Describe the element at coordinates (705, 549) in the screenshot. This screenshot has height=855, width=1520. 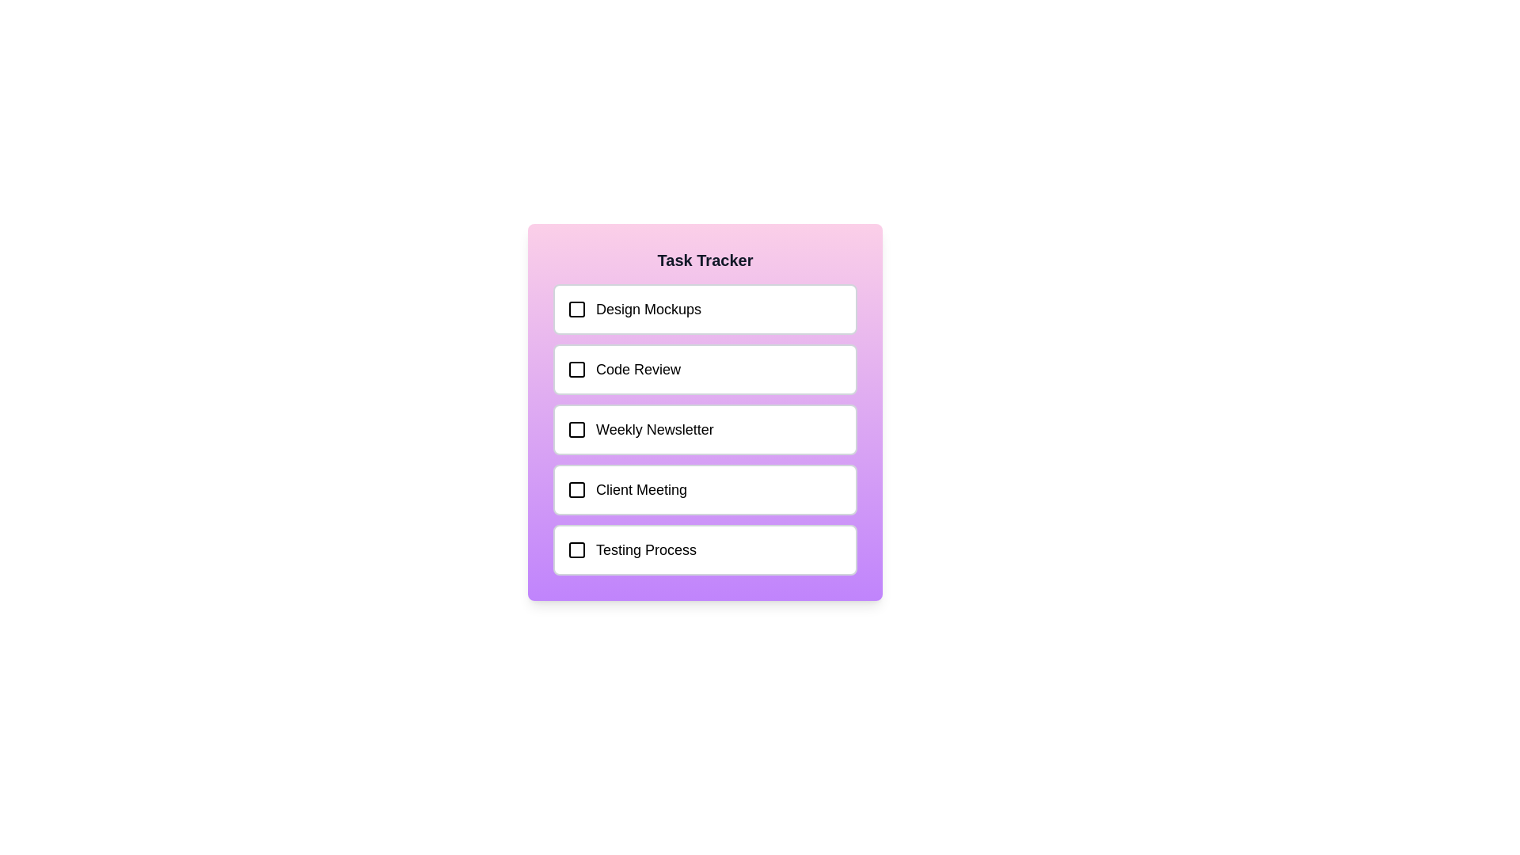
I see `the task labeled Testing Process` at that location.